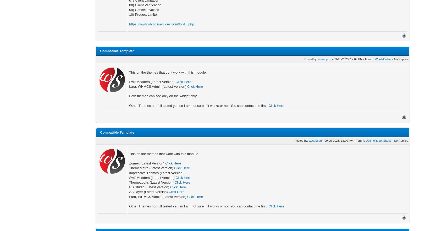  What do you see at coordinates (331, 59) in the screenshot?
I see `'- 09-25-2023, 12:09 PM - Forum:'` at bounding box center [331, 59].